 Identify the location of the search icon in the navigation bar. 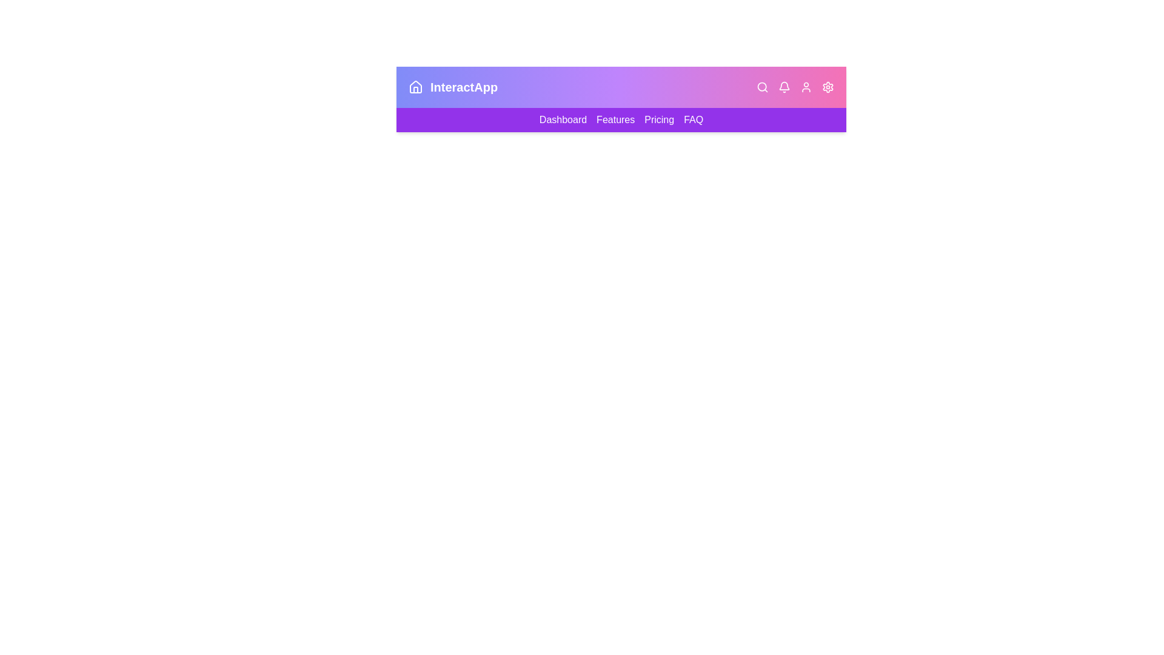
(761, 86).